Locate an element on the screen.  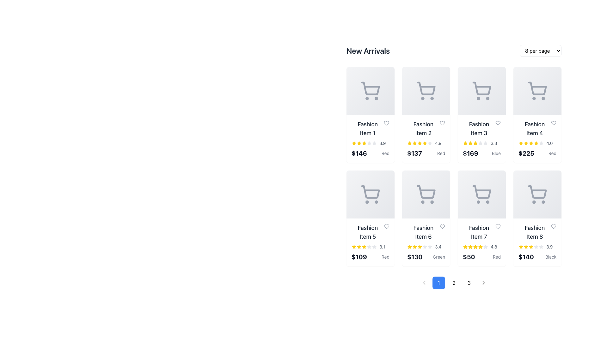
the text label displaying the price of Fashion Item 3, which is located above the text 'Blue' in the grid layout is located at coordinates (470, 153).